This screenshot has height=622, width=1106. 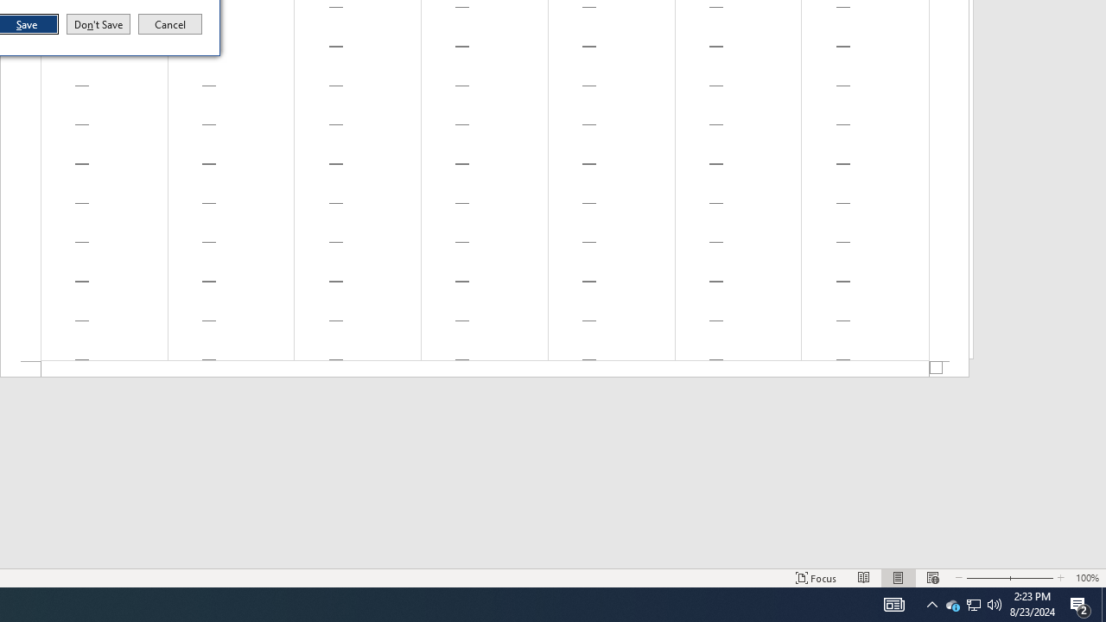 What do you see at coordinates (170, 24) in the screenshot?
I see `'Cancel'` at bounding box center [170, 24].